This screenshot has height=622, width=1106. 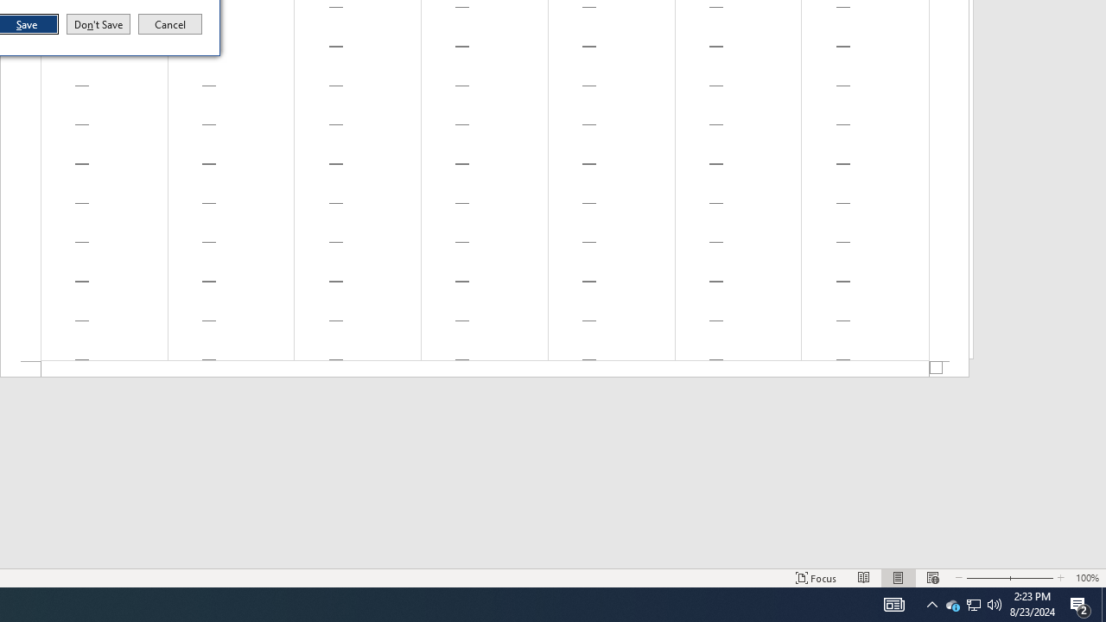 What do you see at coordinates (170, 24) in the screenshot?
I see `'Cancel'` at bounding box center [170, 24].